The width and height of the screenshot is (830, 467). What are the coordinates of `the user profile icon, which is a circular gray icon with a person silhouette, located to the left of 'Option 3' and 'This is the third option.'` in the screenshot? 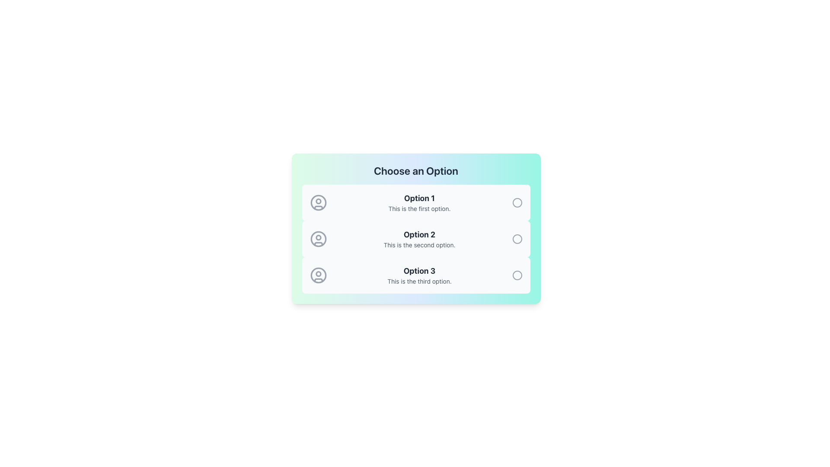 It's located at (318, 275).